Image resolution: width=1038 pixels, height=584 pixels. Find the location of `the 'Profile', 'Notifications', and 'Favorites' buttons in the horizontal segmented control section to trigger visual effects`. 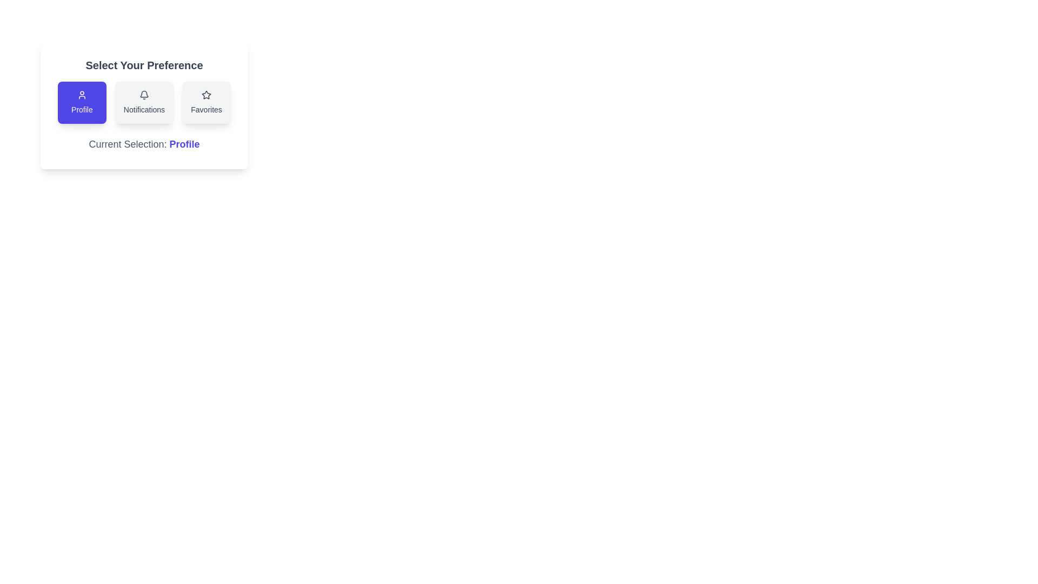

the 'Profile', 'Notifications', and 'Favorites' buttons in the horizontal segmented control section to trigger visual effects is located at coordinates (144, 102).